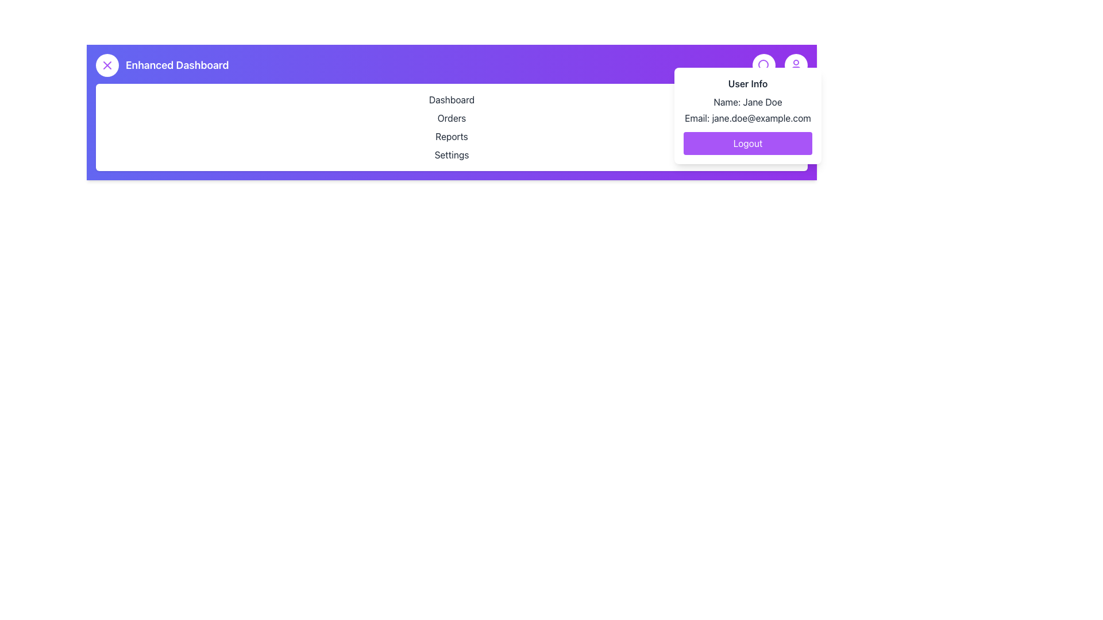 The height and width of the screenshot is (620, 1103). Describe the element at coordinates (107, 65) in the screenshot. I see `the close icon button located at the top-left corner of the interface, within a circular, purple-bordered button` at that location.